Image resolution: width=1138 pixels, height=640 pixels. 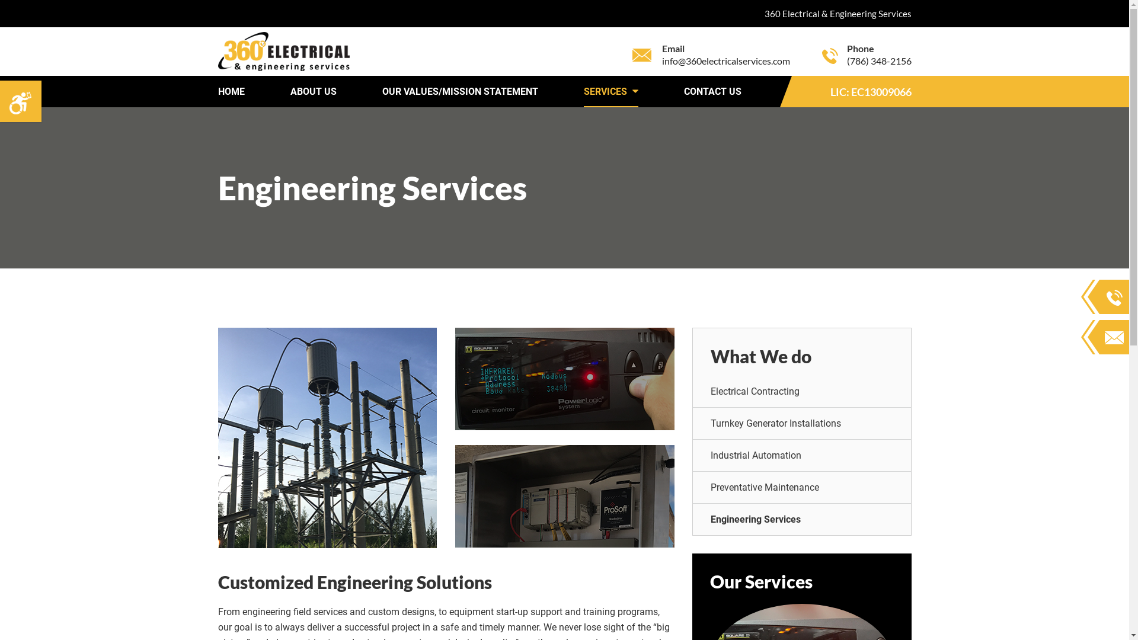 I want to click on 'ABOUT US', so click(x=313, y=91).